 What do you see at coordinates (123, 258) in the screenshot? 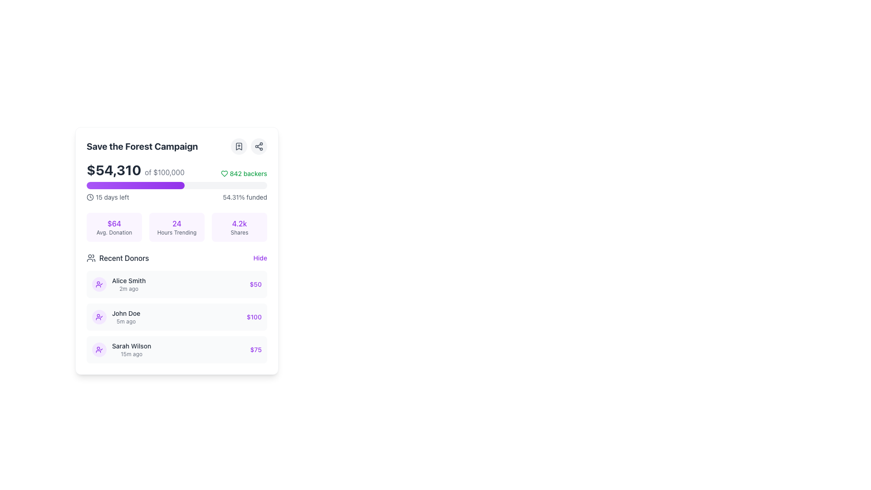
I see `the text label displaying 'Recent Donors' which is medium-weight, dark gray, and positioned to the right of a user group icon` at bounding box center [123, 258].